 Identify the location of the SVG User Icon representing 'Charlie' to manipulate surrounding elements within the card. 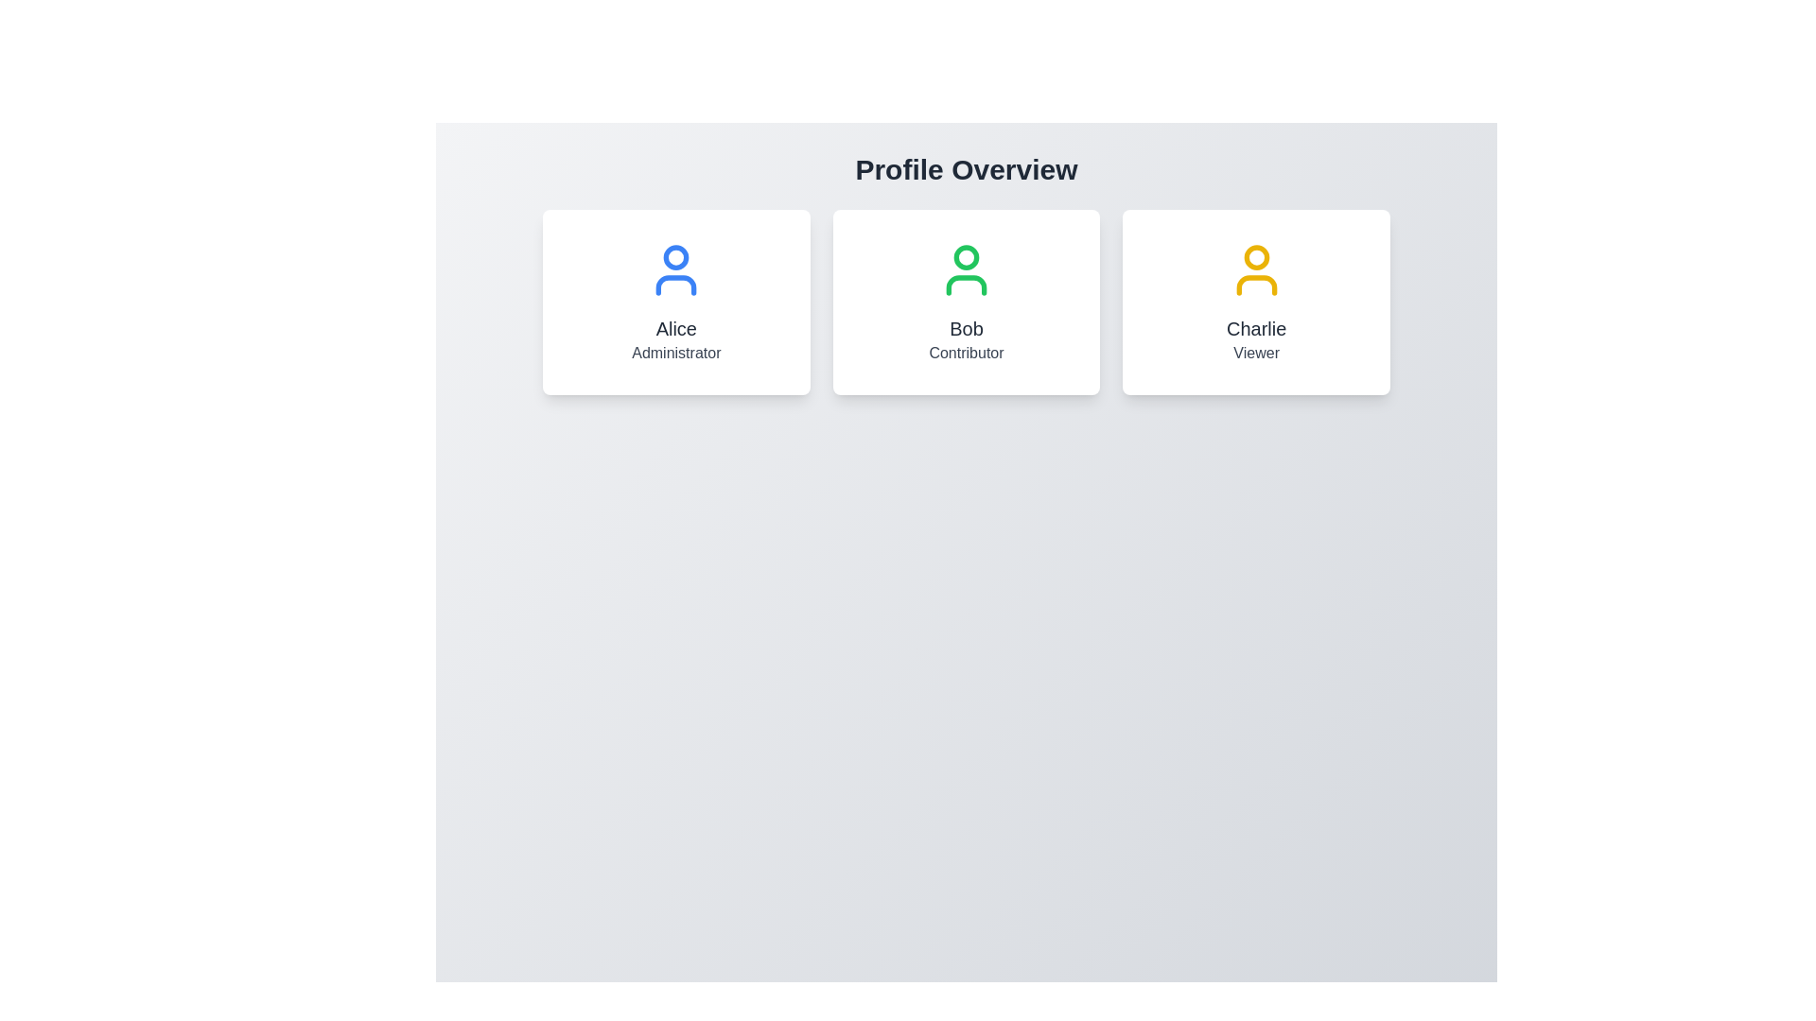
(1256, 269).